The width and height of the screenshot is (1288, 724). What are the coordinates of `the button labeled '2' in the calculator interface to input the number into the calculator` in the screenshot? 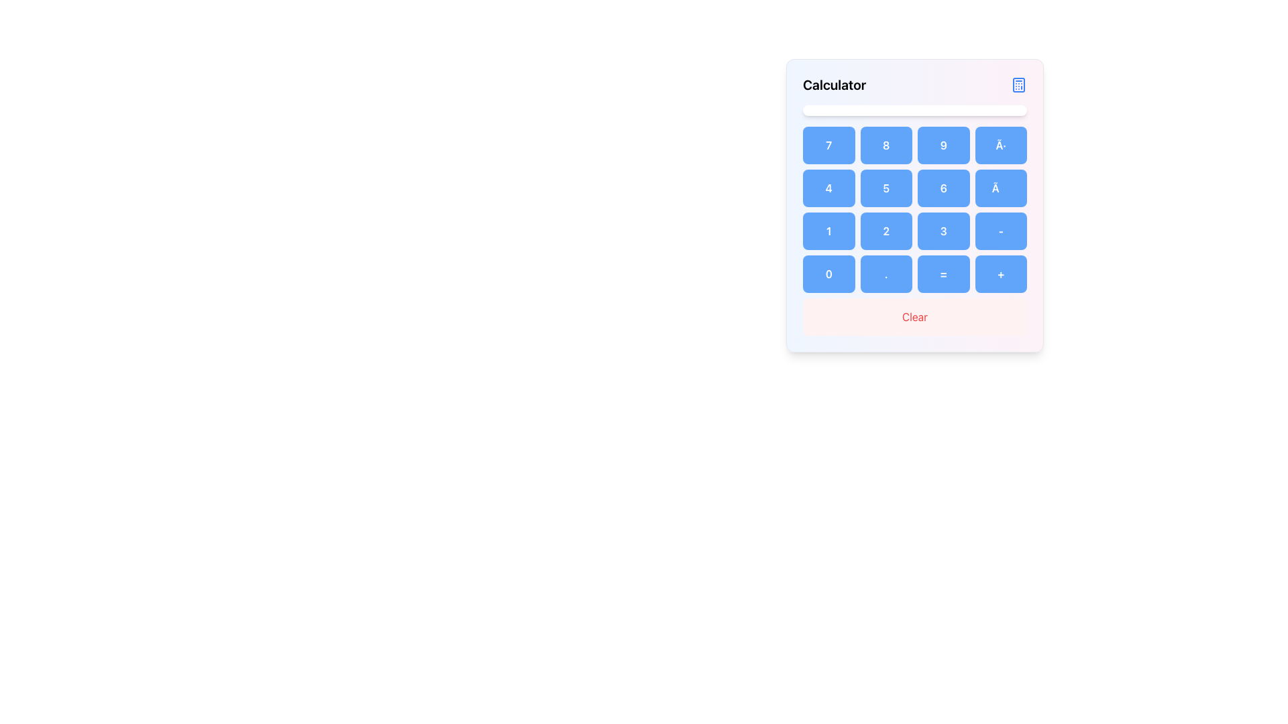 It's located at (886, 230).